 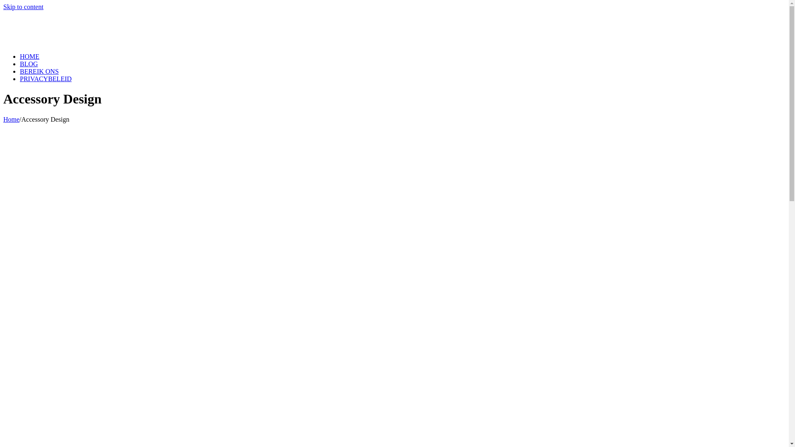 I want to click on 'HOME', so click(x=29, y=56).